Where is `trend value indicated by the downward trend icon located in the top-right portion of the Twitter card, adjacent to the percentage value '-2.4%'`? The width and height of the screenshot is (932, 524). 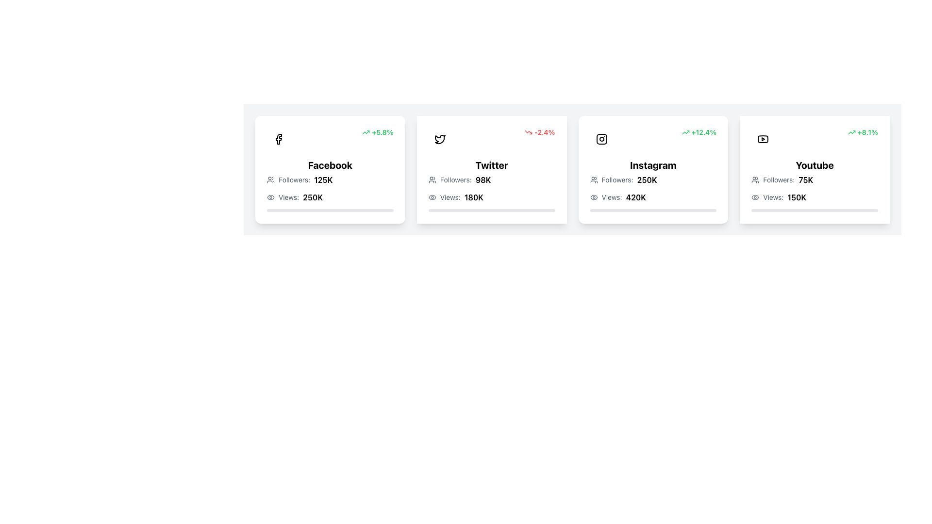
trend value indicated by the downward trend icon located in the top-right portion of the Twitter card, adjacent to the percentage value '-2.4%' is located at coordinates (528, 132).